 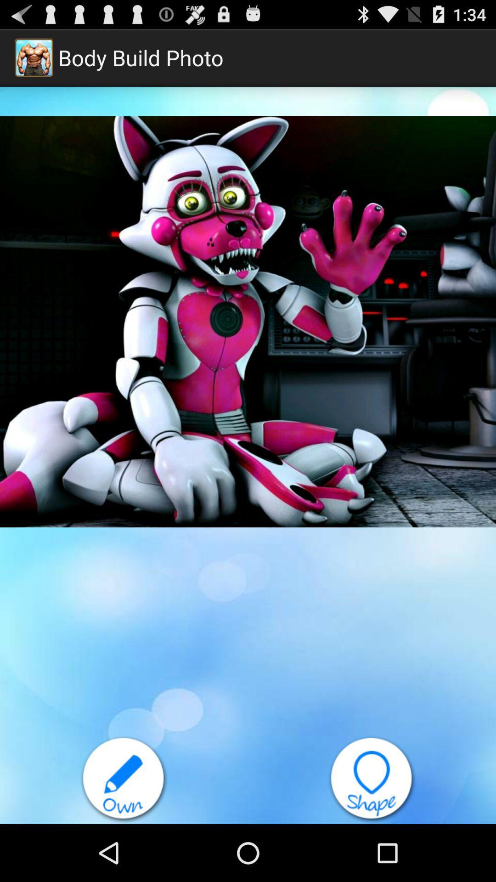 I want to click on shape, so click(x=372, y=779).